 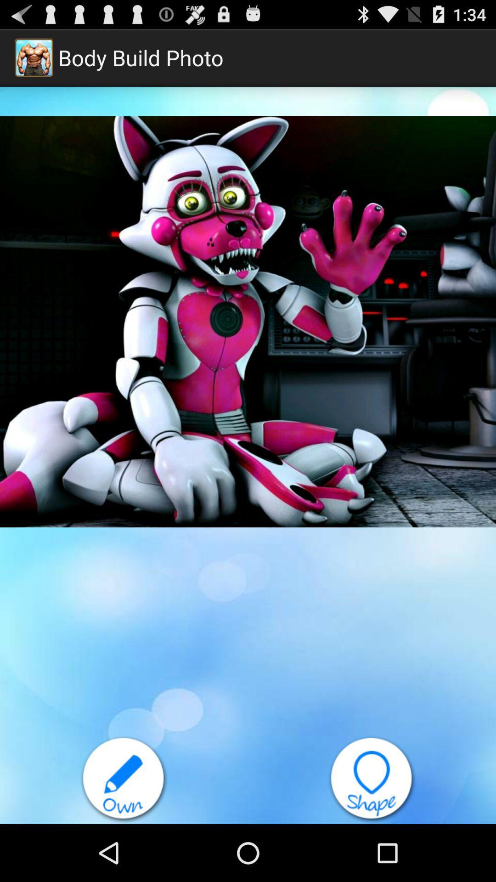 I want to click on shape, so click(x=372, y=779).